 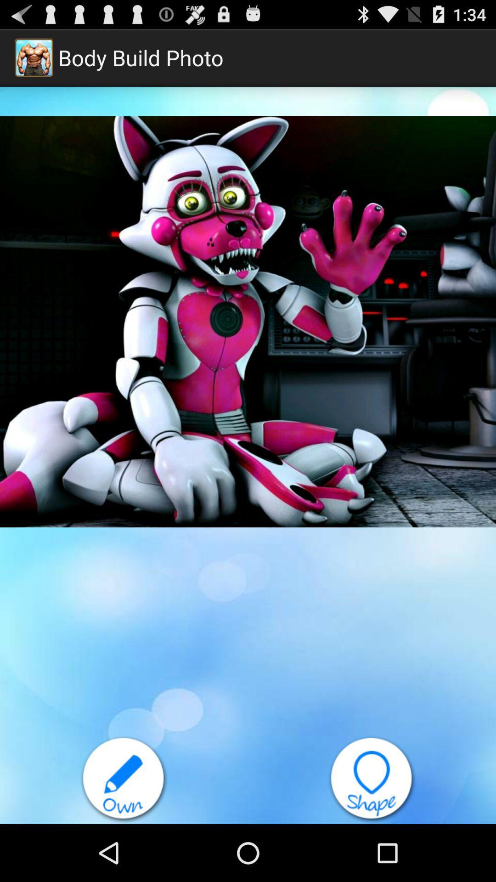 I want to click on shape, so click(x=372, y=779).